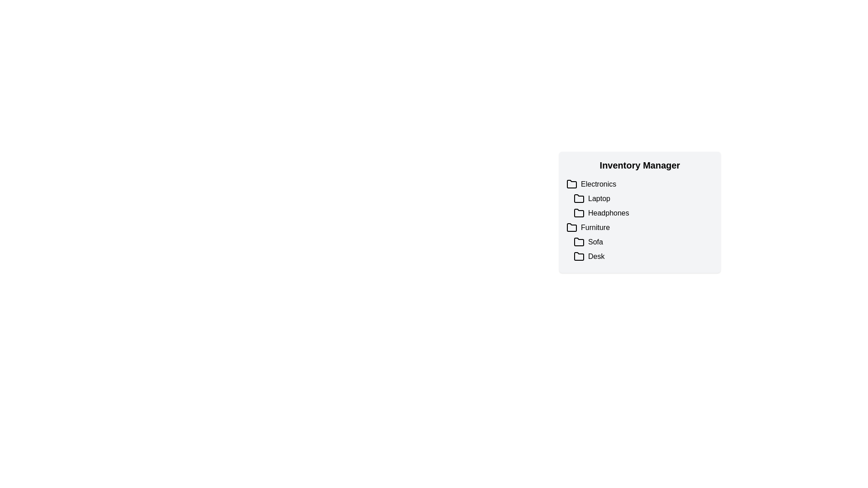  I want to click on the folder icon representing the 'Desk' entry in the 'Inventory Manager' list view, which is the last visible entry, so click(579, 256).